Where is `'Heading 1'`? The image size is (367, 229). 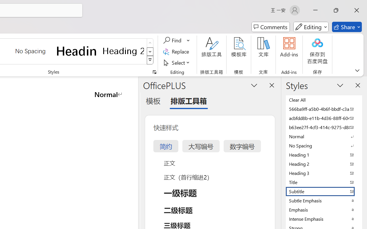
'Heading 1' is located at coordinates (77, 51).